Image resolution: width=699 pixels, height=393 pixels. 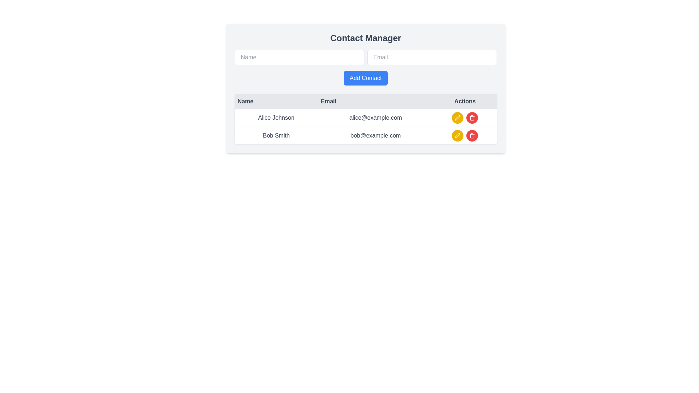 I want to click on the text element displaying the email address associated with 'Alice Johnson', located in the second column of the first data row of the table, so click(x=375, y=118).